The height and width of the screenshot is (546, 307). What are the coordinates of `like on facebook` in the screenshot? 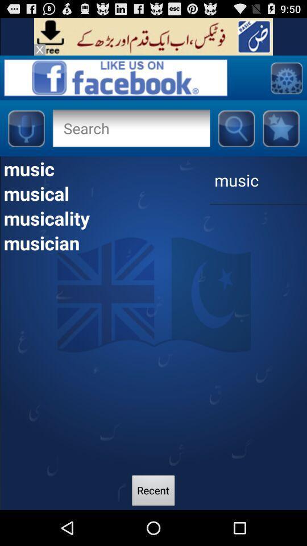 It's located at (115, 77).